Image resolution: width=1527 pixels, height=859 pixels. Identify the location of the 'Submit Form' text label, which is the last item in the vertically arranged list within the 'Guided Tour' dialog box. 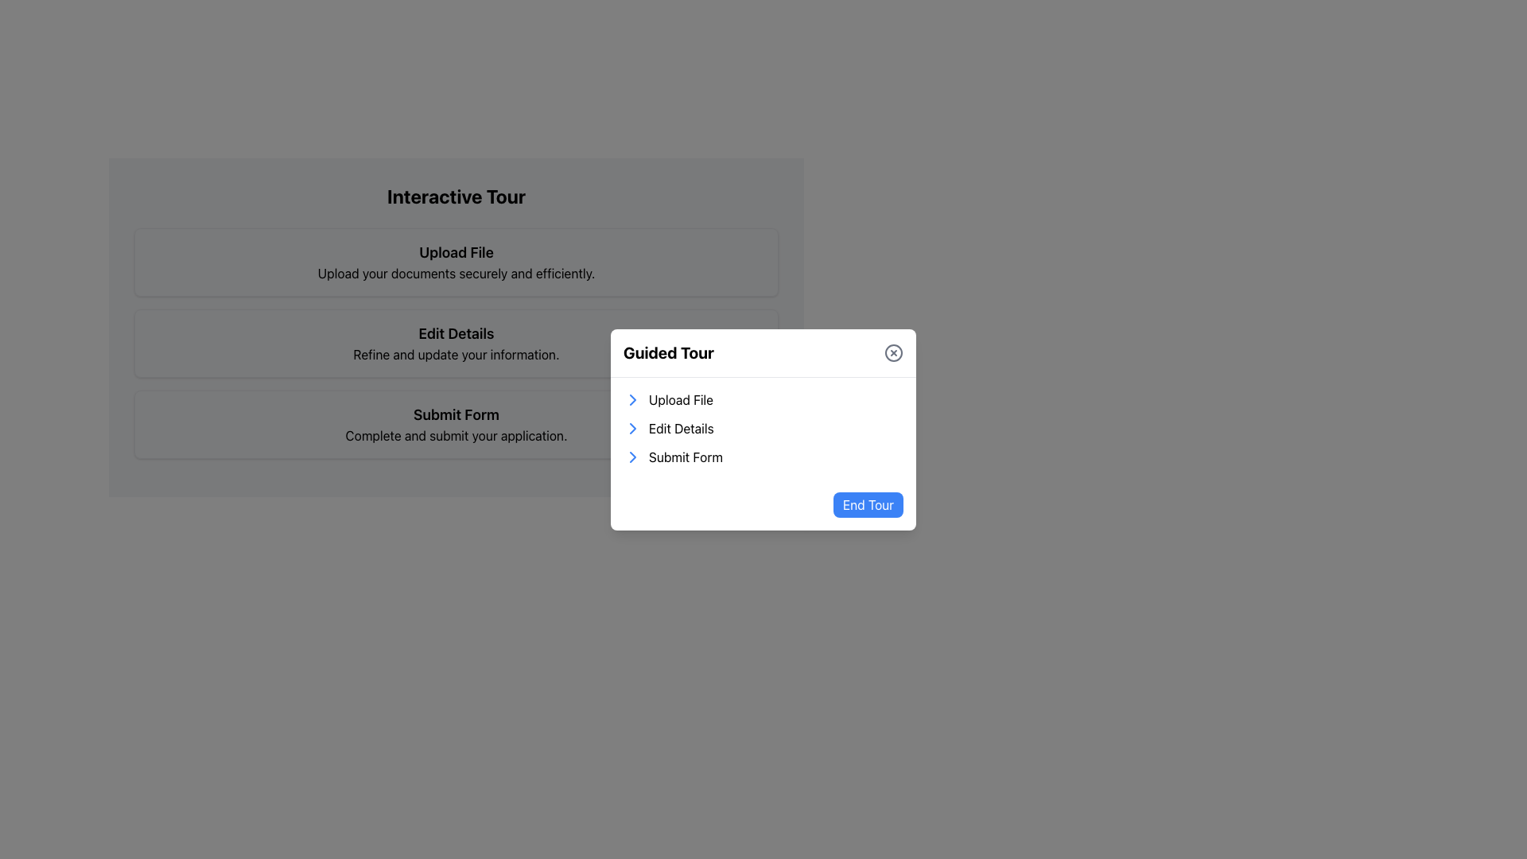
(686, 457).